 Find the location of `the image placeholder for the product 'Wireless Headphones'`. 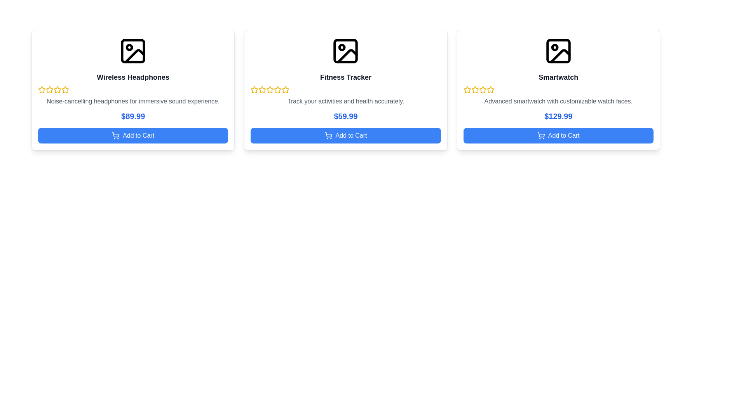

the image placeholder for the product 'Wireless Headphones' is located at coordinates (133, 51).